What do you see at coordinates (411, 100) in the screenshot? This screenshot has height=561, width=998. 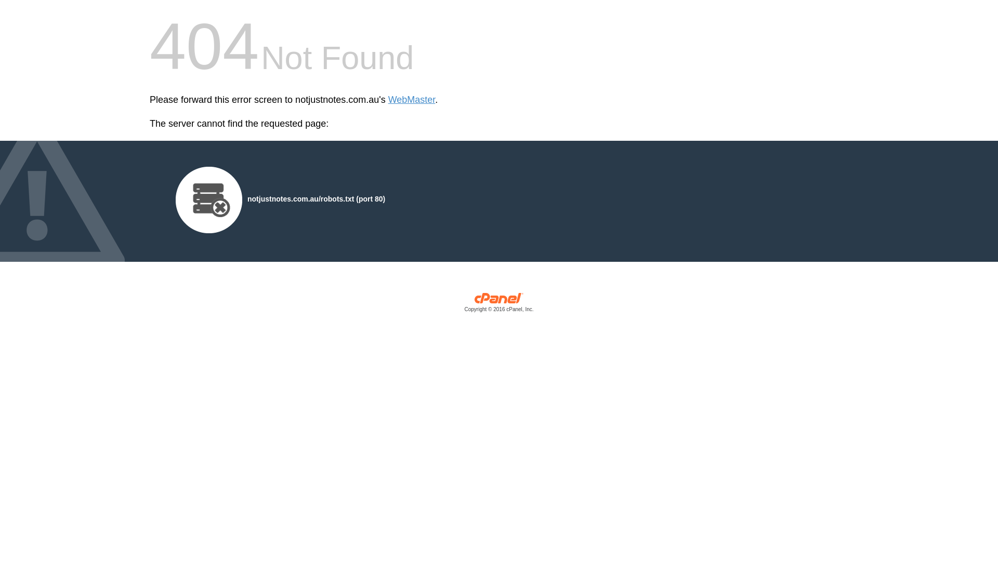 I see `'WebMaster'` at bounding box center [411, 100].